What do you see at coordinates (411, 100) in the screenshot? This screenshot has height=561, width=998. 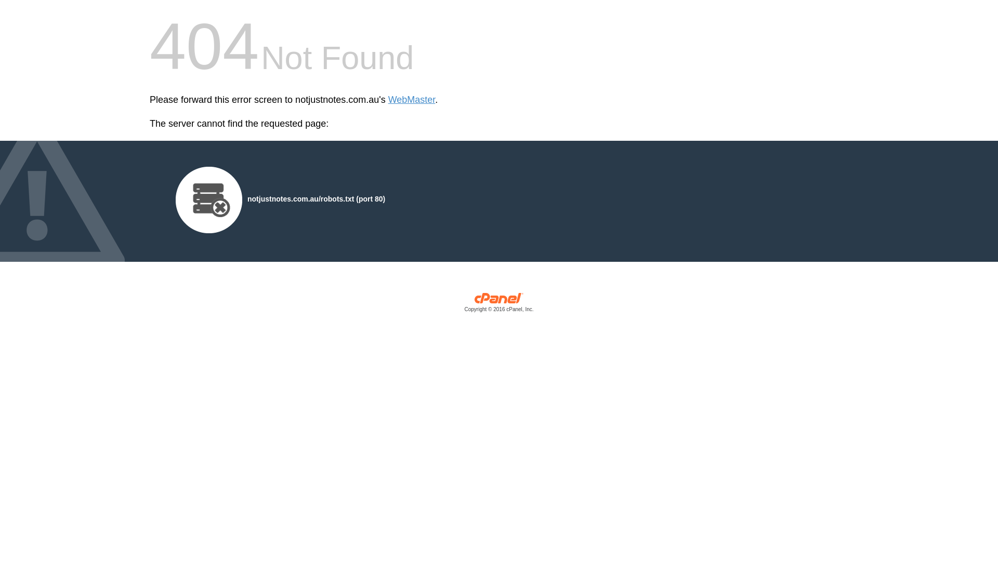 I see `'WebMaster'` at bounding box center [411, 100].